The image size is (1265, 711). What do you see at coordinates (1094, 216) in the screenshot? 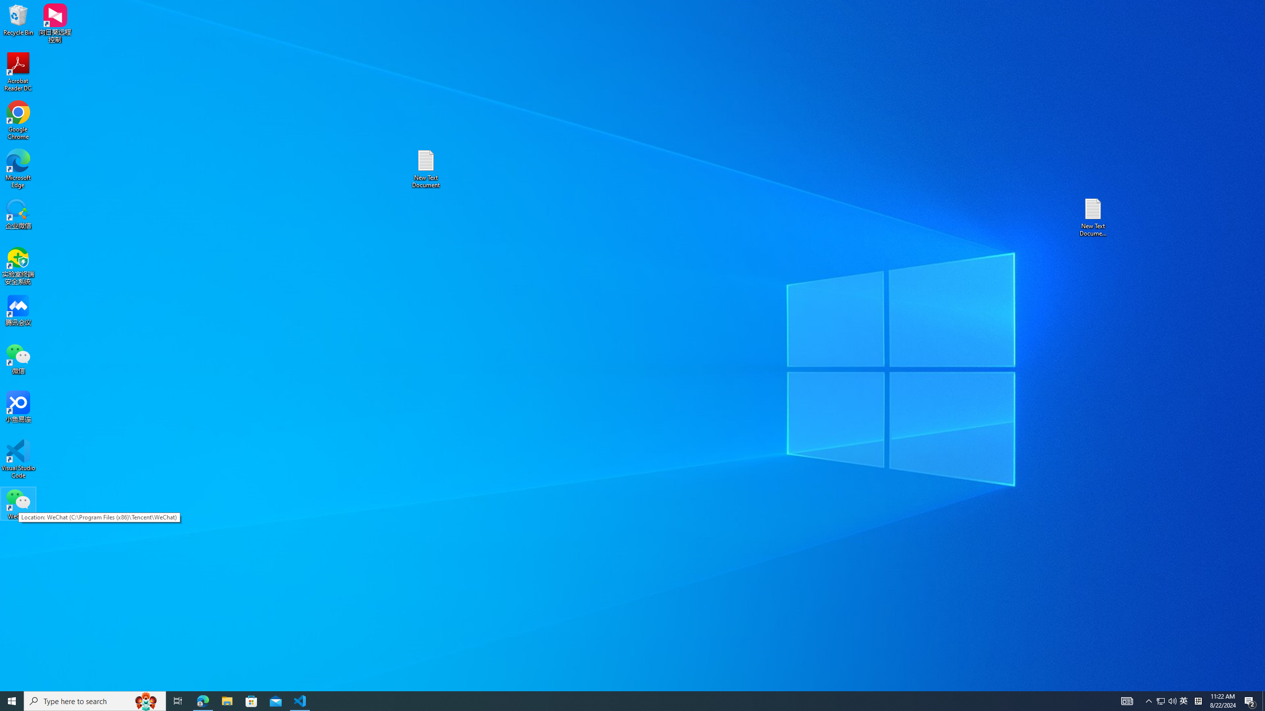
I see `'New Text Document (2)'` at bounding box center [1094, 216].